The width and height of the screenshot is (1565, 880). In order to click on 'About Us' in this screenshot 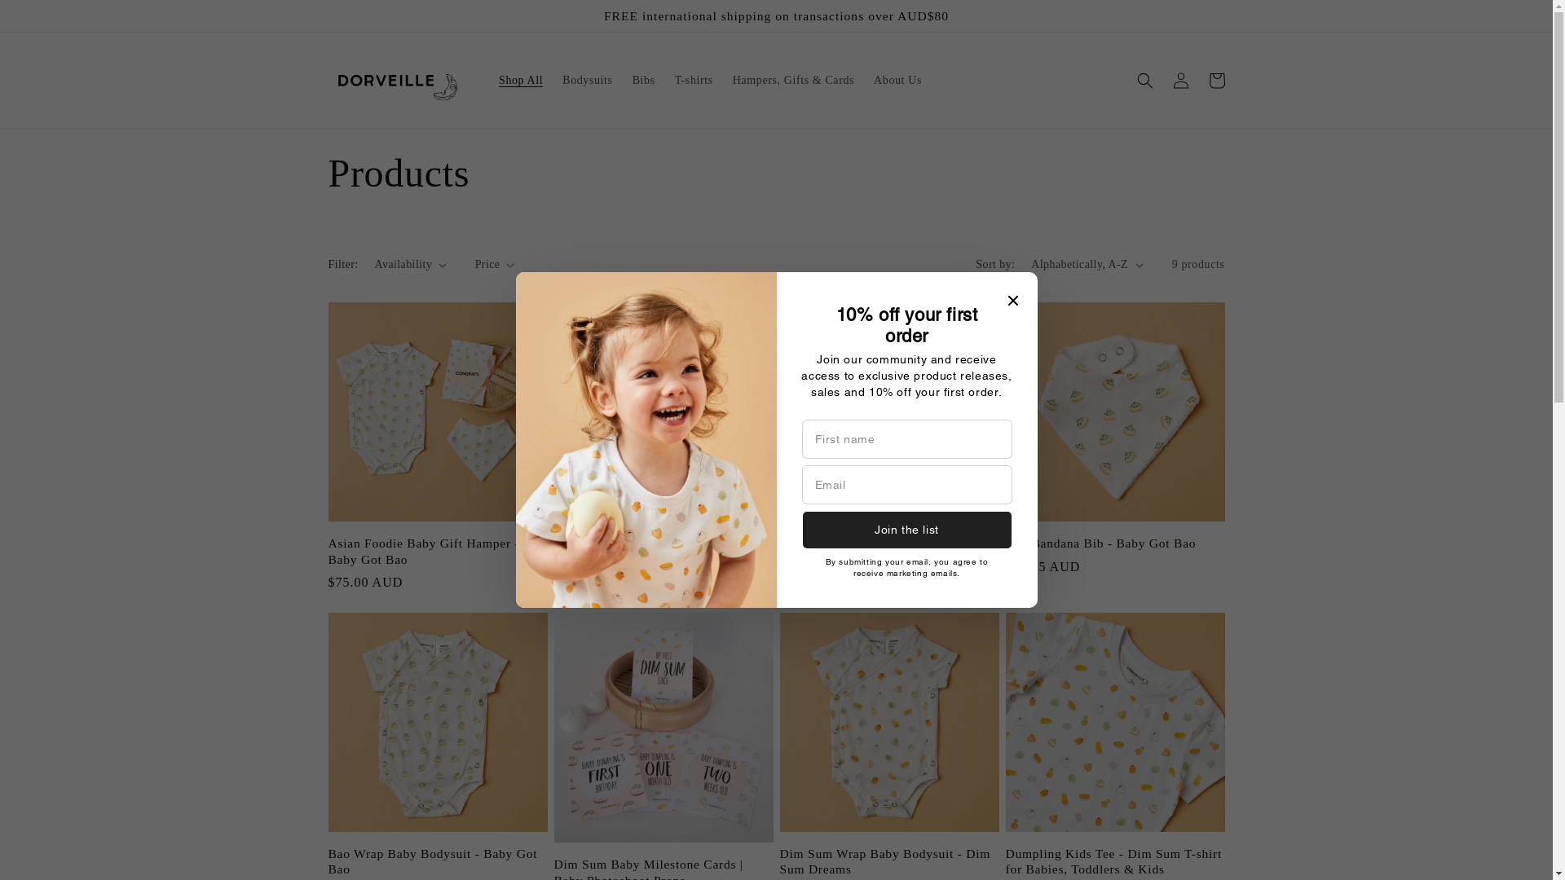, I will do `click(897, 81)`.